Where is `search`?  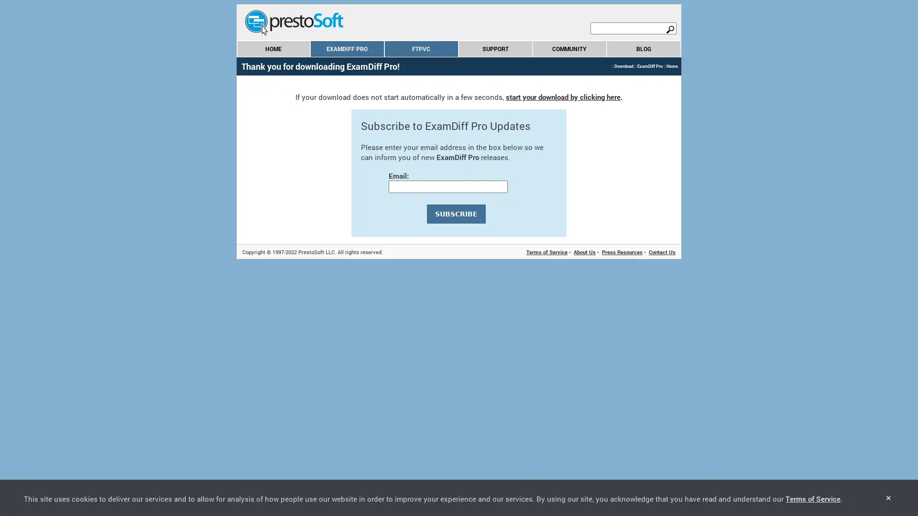 search is located at coordinates (669, 29).